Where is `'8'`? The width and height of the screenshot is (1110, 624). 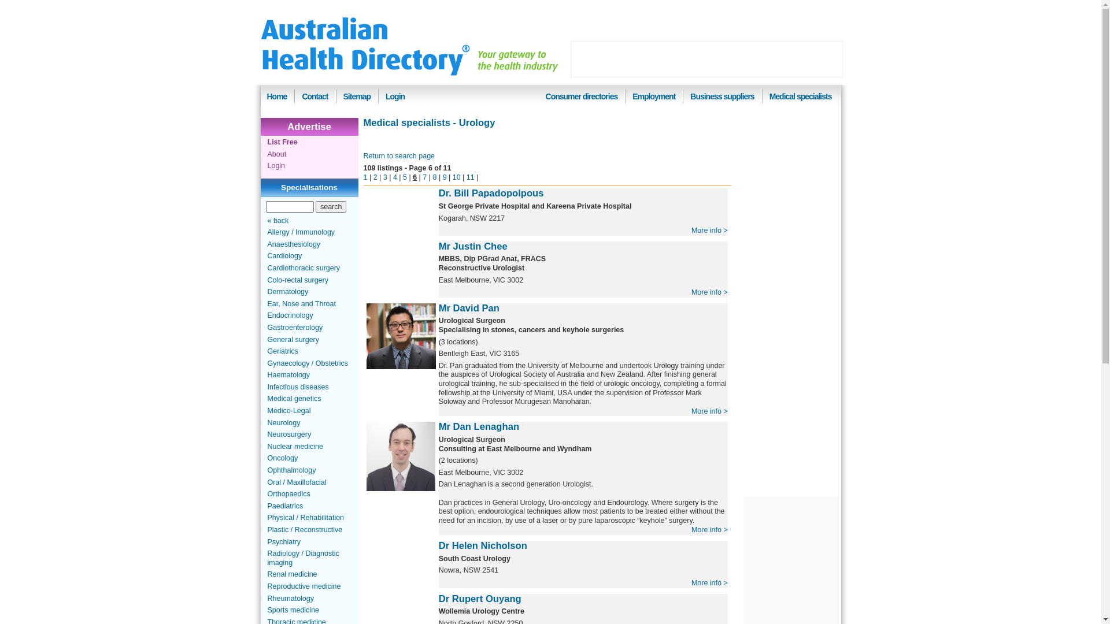 '8' is located at coordinates (434, 177).